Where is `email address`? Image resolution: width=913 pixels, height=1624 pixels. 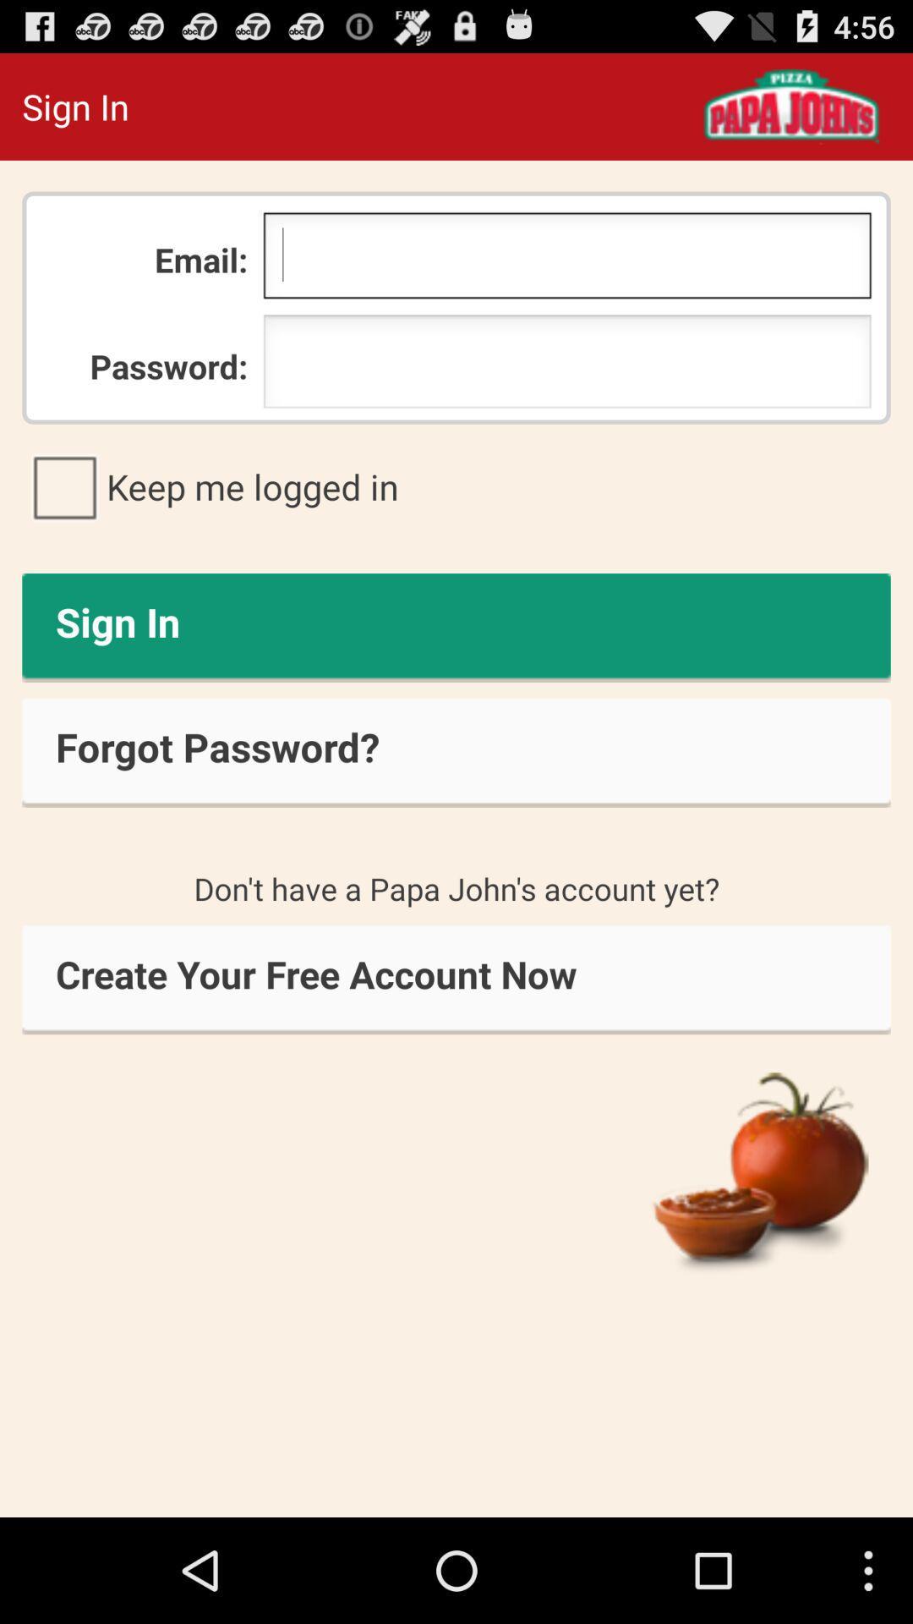 email address is located at coordinates (567, 259).